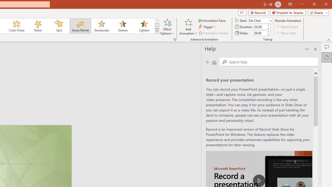 This screenshot has height=187, width=332. I want to click on 'Effect Options', so click(167, 27).